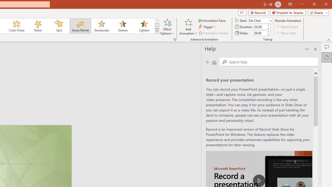 This screenshot has height=187, width=332. I want to click on 'Effect Options', so click(167, 27).